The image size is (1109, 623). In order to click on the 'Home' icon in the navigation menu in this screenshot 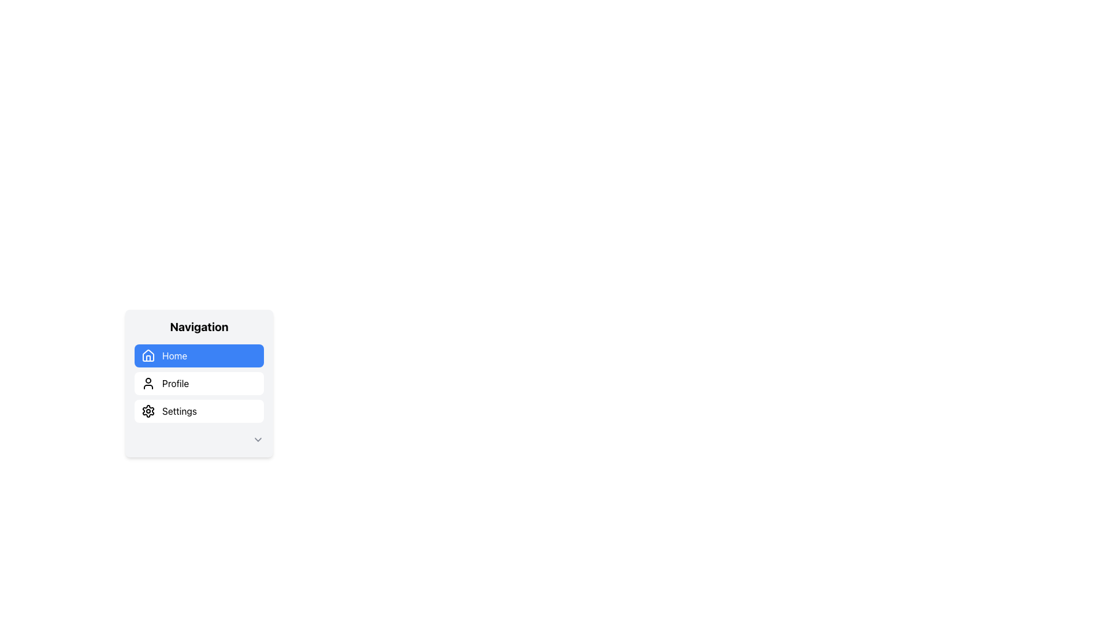, I will do `click(148, 355)`.